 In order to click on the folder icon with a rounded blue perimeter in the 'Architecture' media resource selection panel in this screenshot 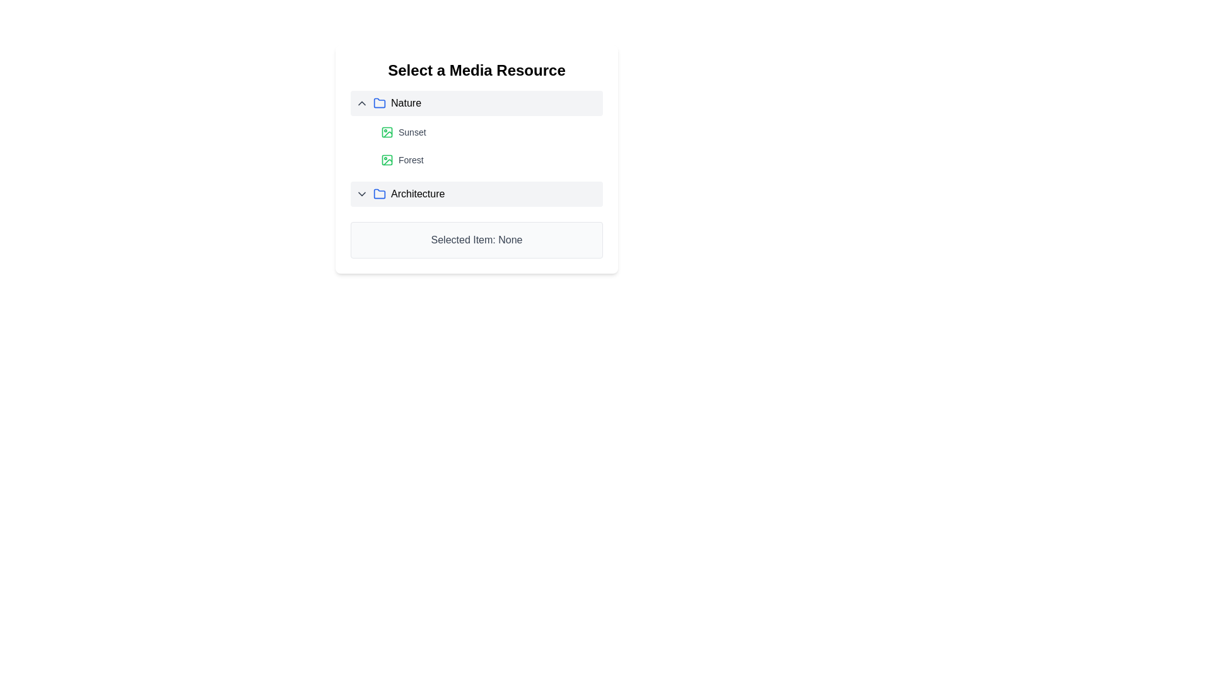, I will do `click(378, 194)`.